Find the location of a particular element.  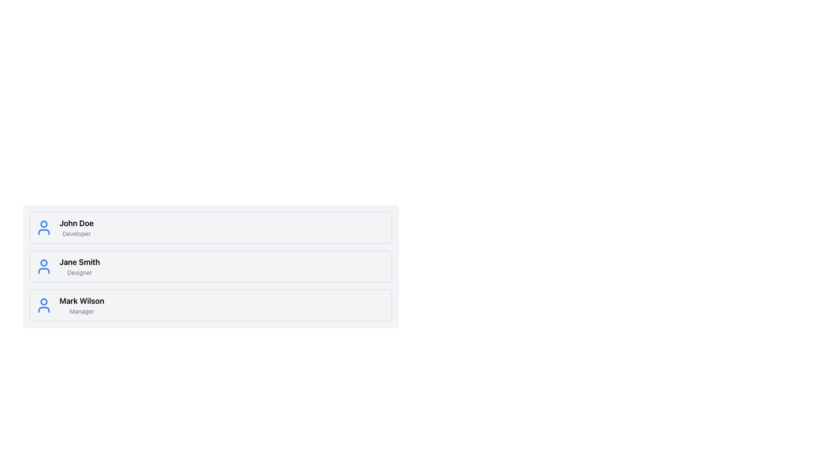

the SVG circle element that represents Jane Smith's user profile in the user icon layout is located at coordinates (43, 262).